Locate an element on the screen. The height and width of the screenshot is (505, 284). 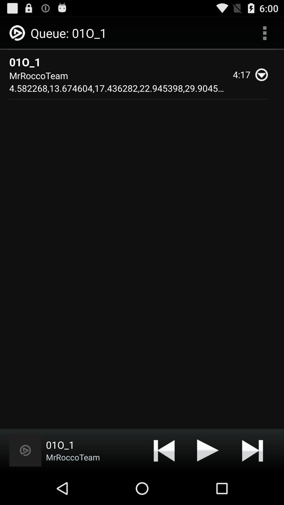
media is located at coordinates (208, 450).